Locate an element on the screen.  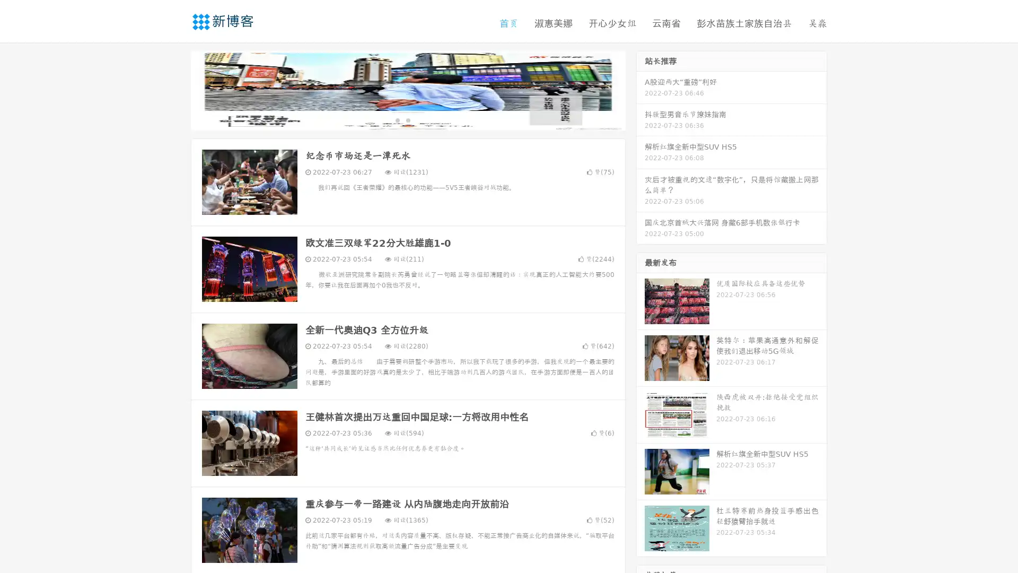
Go to slide 2 is located at coordinates (407, 119).